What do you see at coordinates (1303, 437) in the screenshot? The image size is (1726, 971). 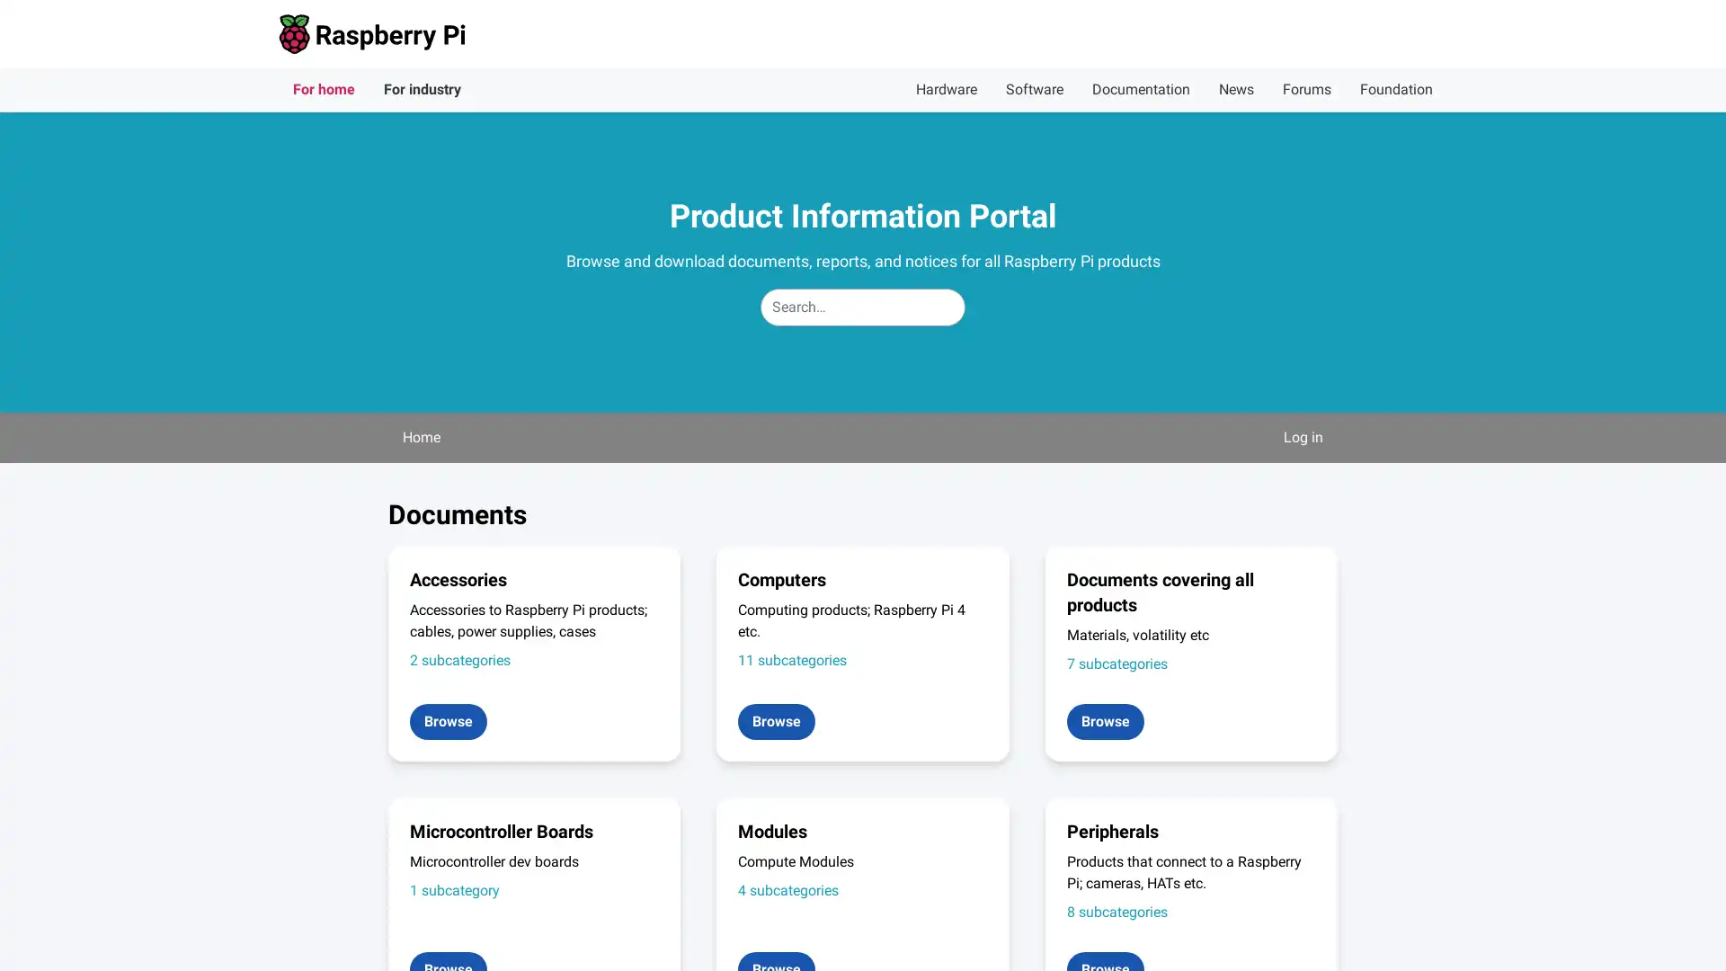 I see `Log in` at bounding box center [1303, 437].